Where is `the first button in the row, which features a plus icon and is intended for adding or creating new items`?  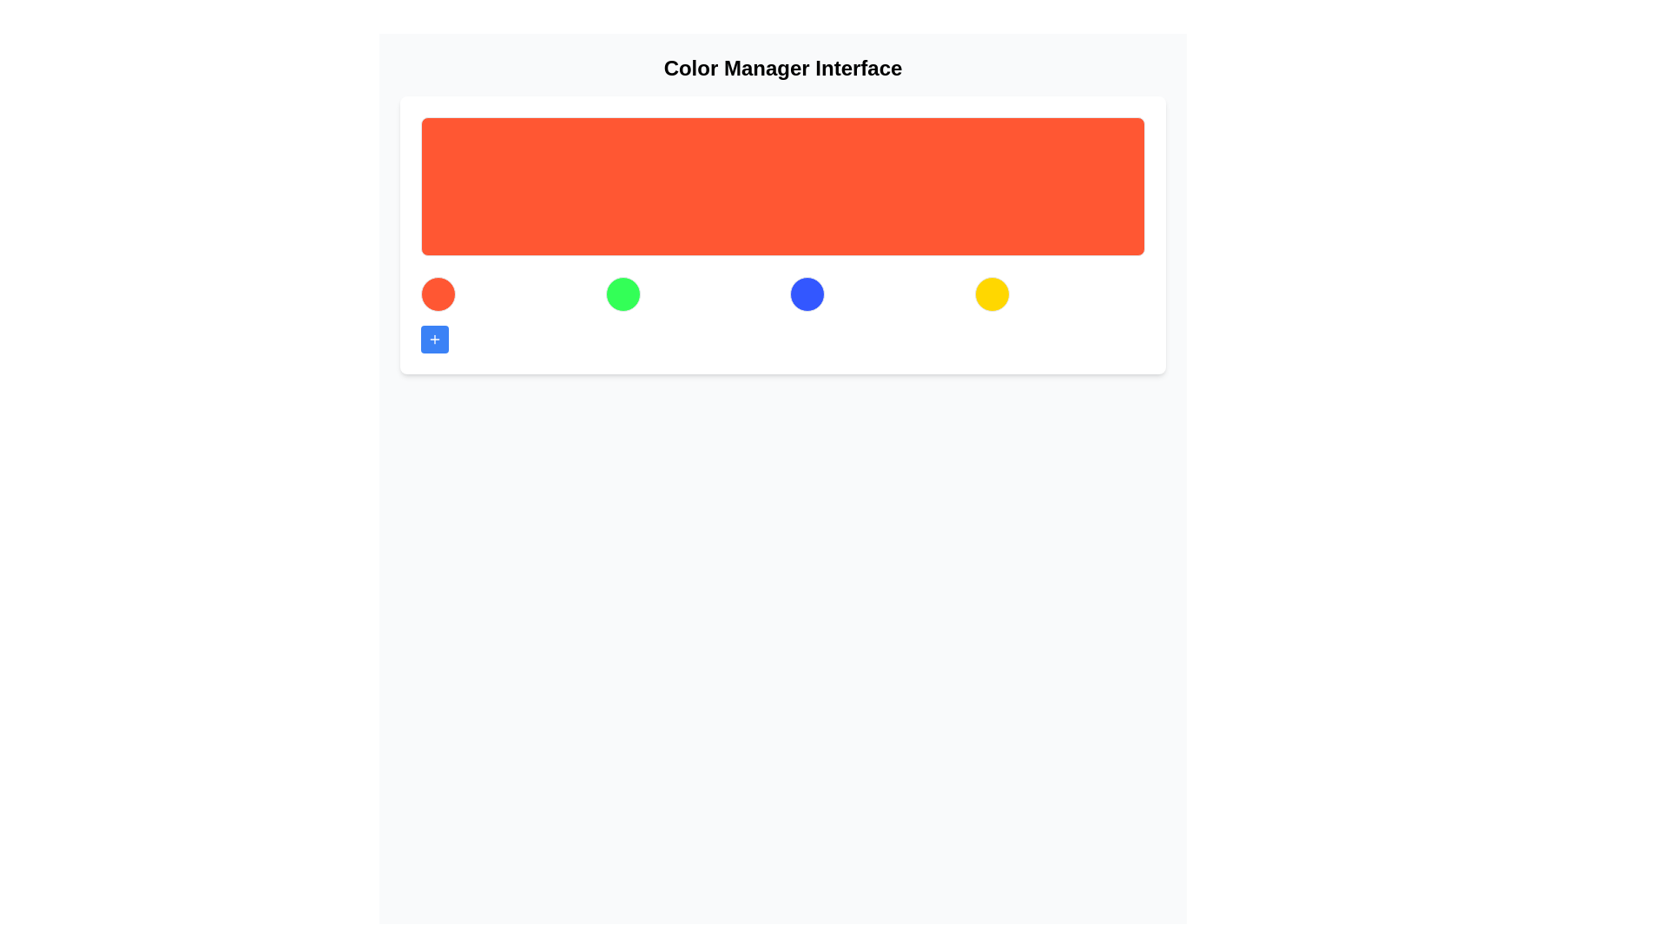
the first button in the row, which features a plus icon and is intended for adding or creating new items is located at coordinates (434, 339).